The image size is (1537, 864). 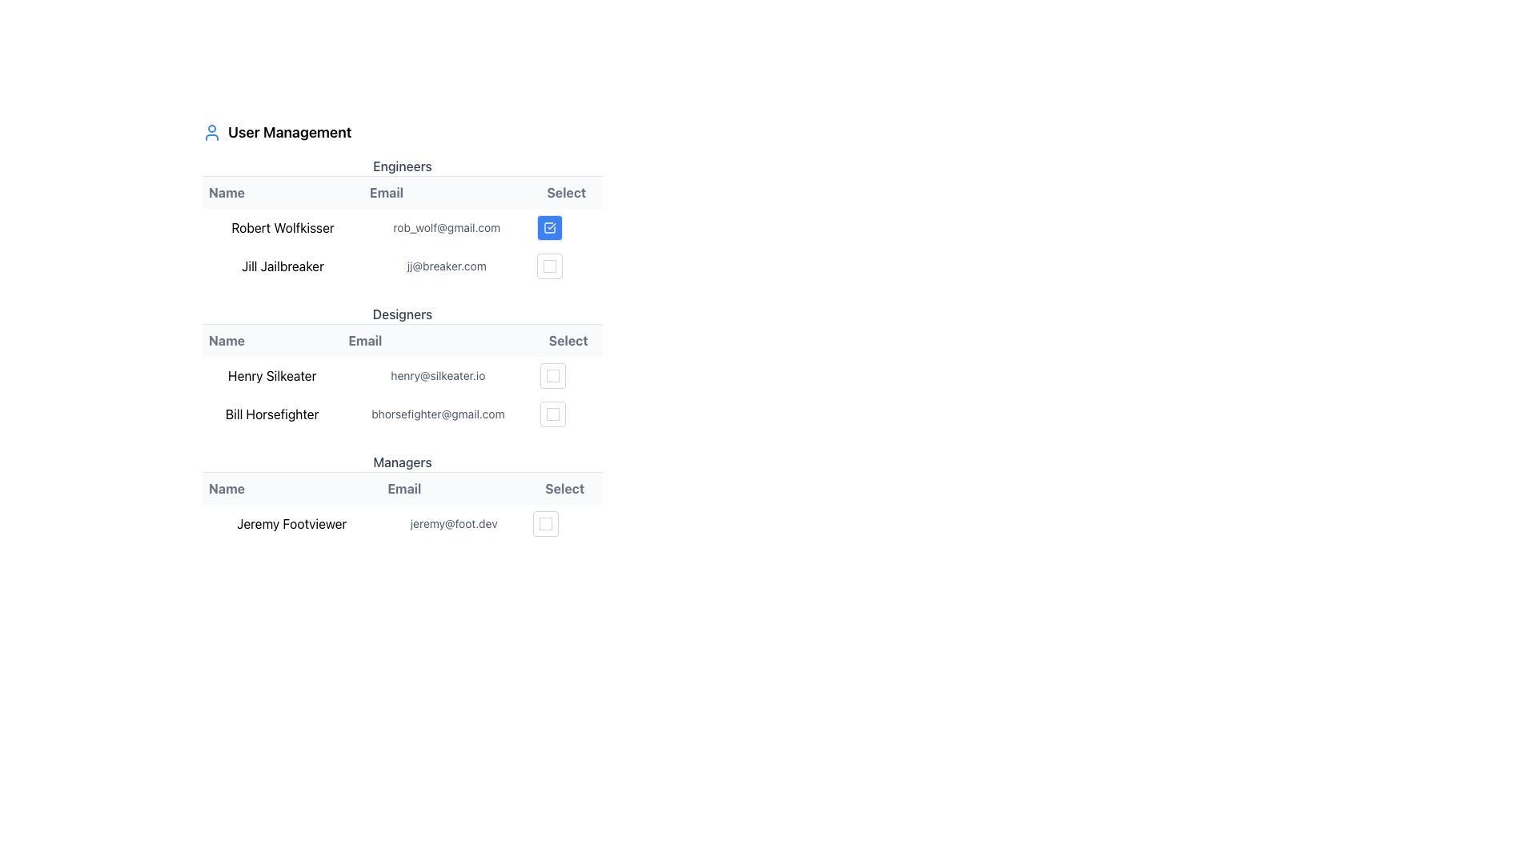 What do you see at coordinates (566, 265) in the screenshot?
I see `the selectable checkbox located in the rightmost column corresponding to 'Jill Jailbreaker' to focus it` at bounding box center [566, 265].